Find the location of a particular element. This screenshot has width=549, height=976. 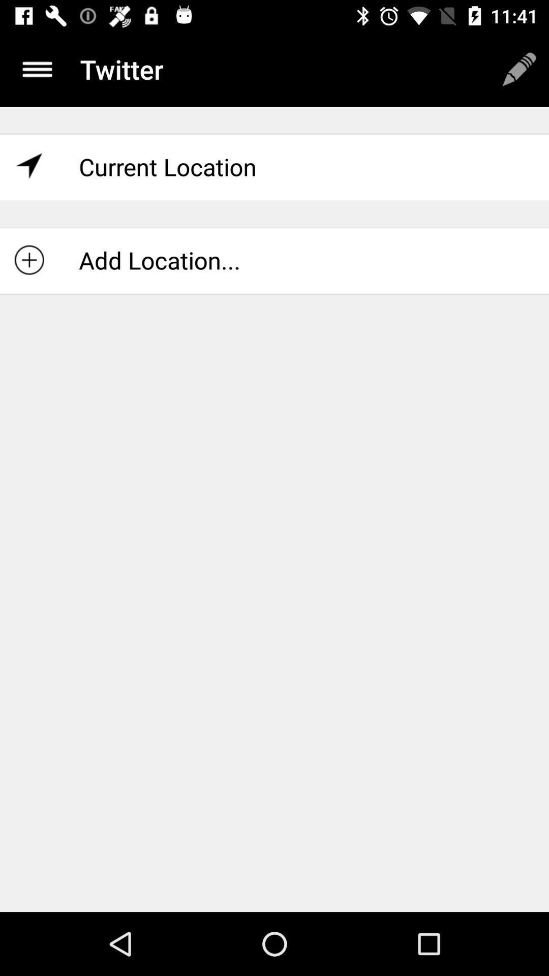

the icon above add location... item is located at coordinates (274, 167).